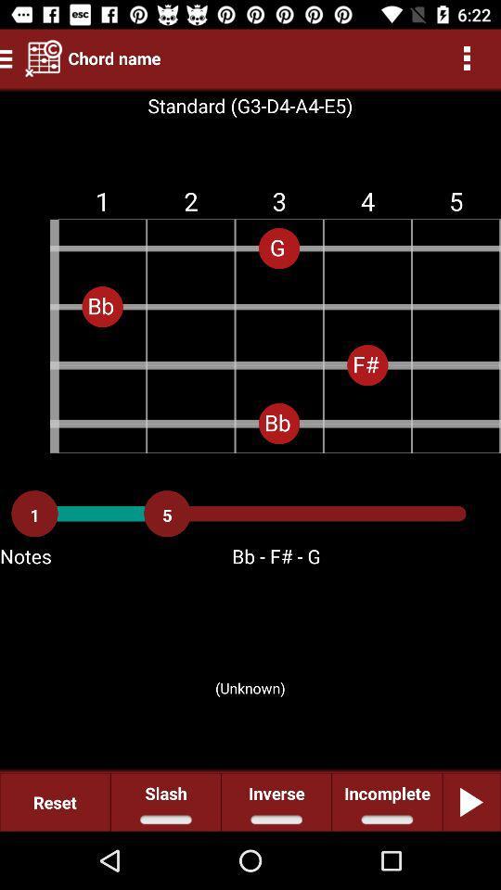 This screenshot has width=501, height=890. What do you see at coordinates (165, 801) in the screenshot?
I see `icon to the left of inverse` at bounding box center [165, 801].